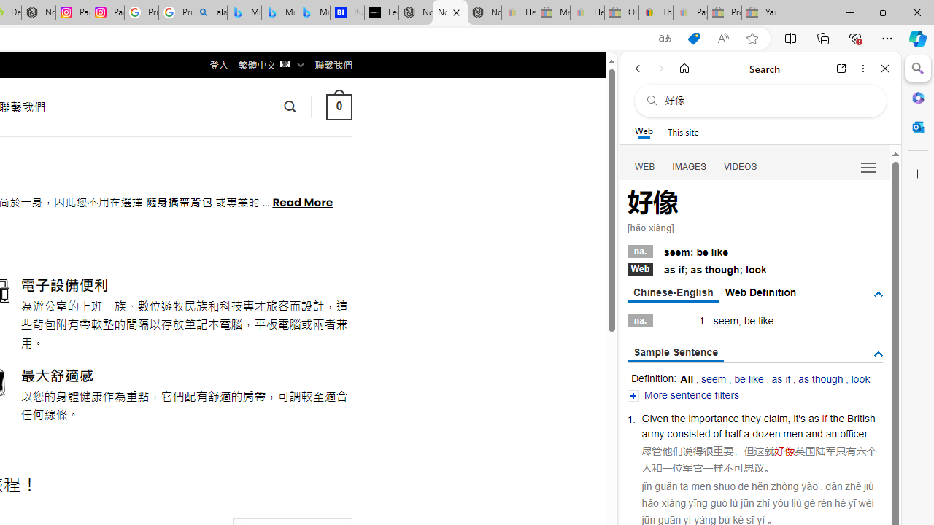 Image resolution: width=934 pixels, height=525 pixels. Describe the element at coordinates (877, 295) in the screenshot. I see `'AutomationID: tgdef'` at that location.